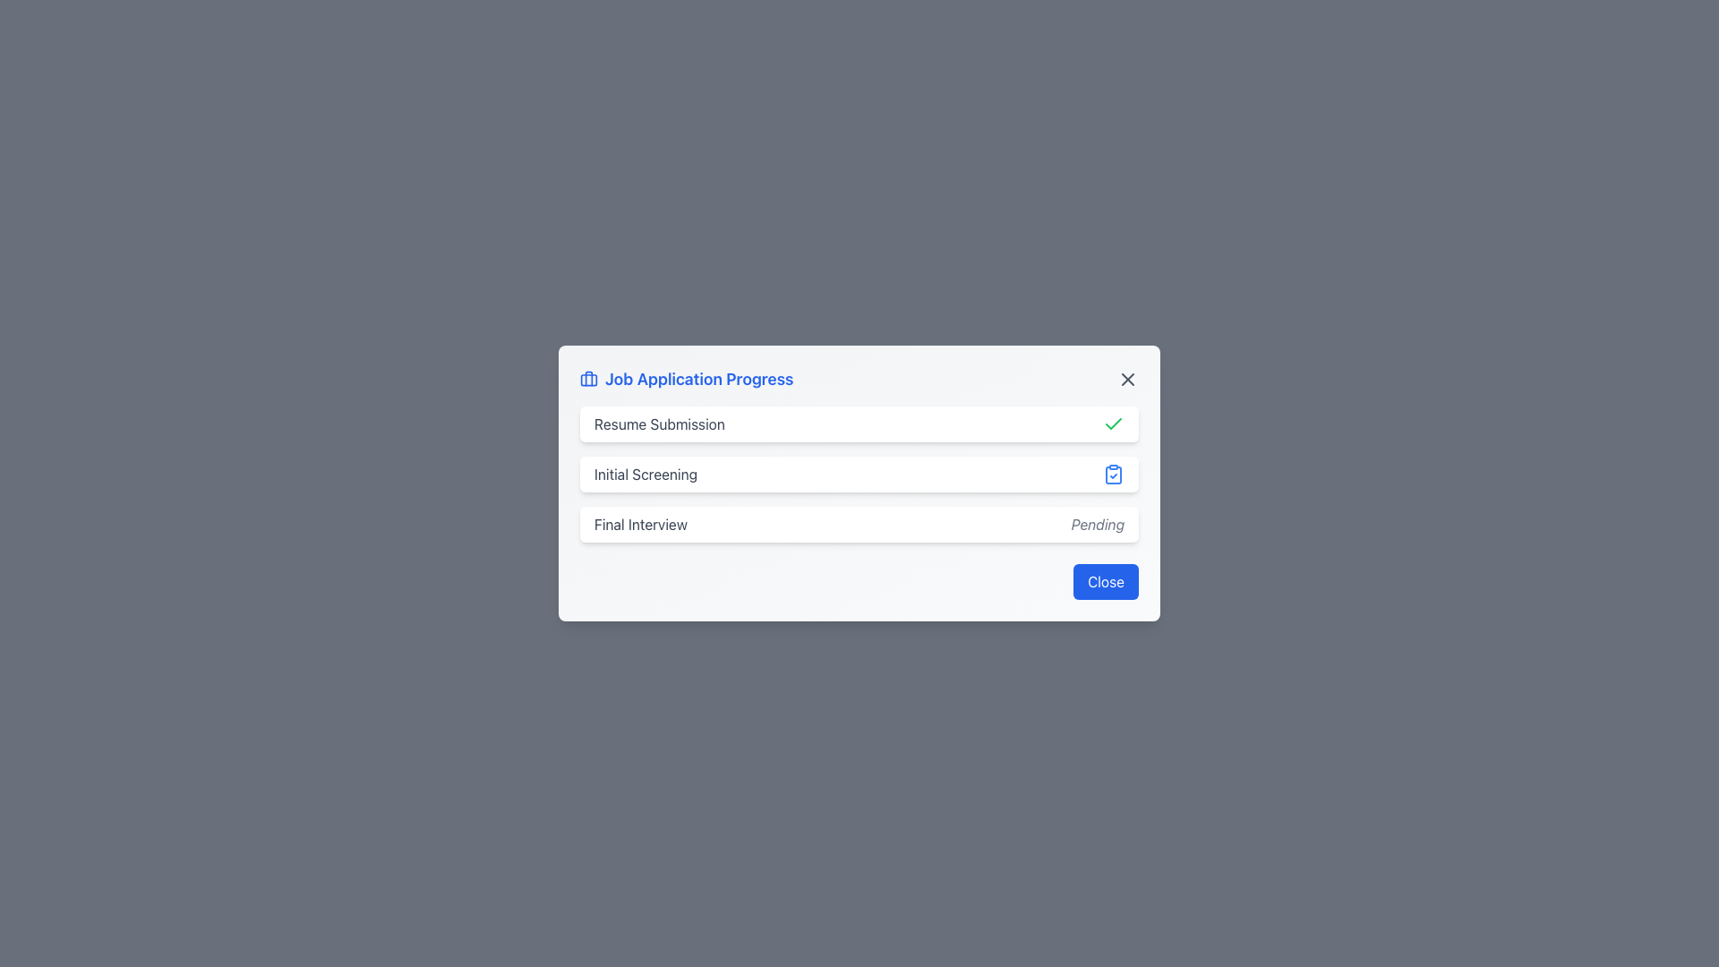 This screenshot has width=1719, height=967. I want to click on the checkmark icon indicating the completion status of the 'Resume Submission' step in the job application process, located in the first row of the modal interface, so click(1112, 424).